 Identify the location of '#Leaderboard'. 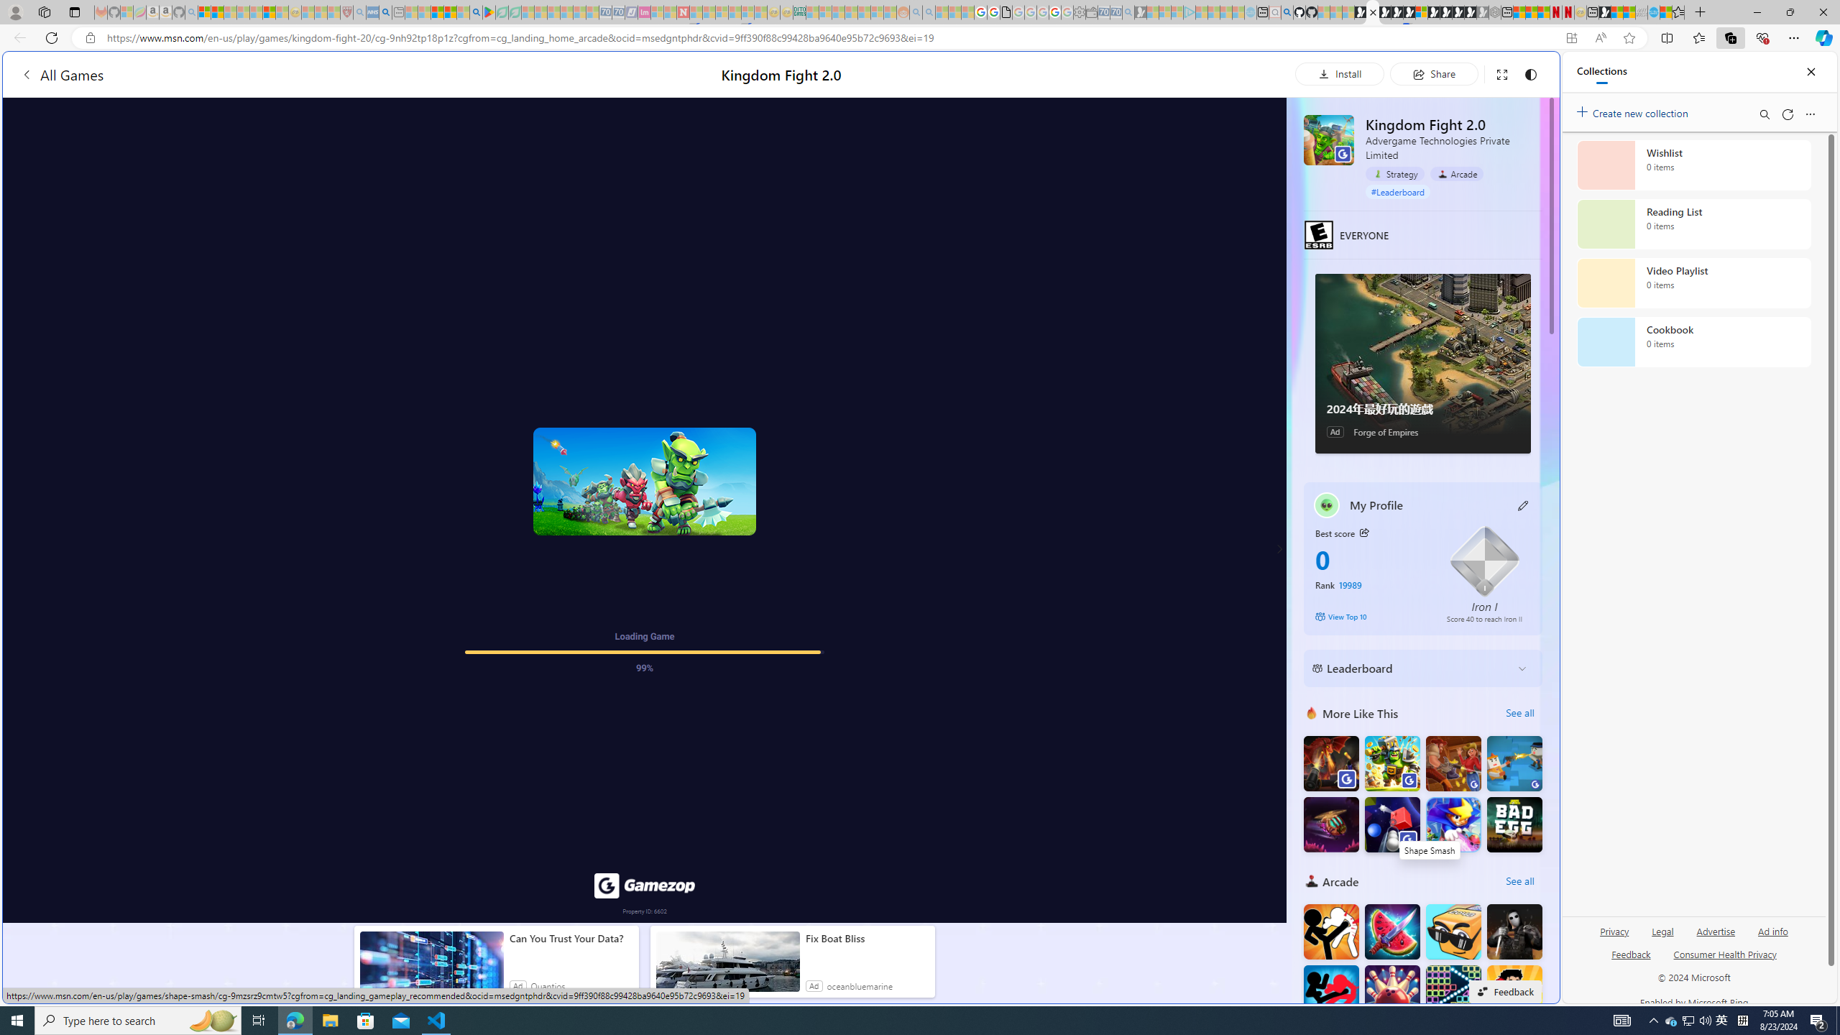
(1397, 190).